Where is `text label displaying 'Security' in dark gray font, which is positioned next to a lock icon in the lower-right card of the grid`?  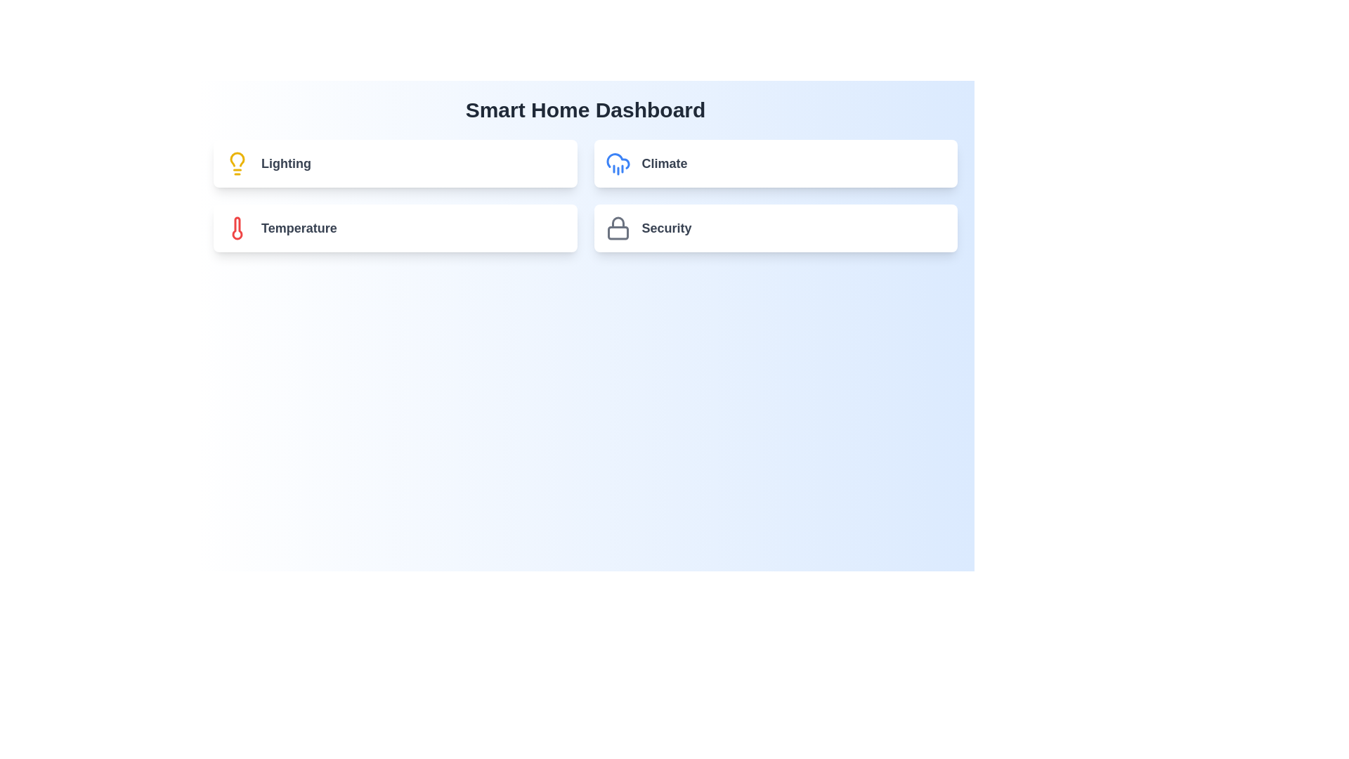
text label displaying 'Security' in dark gray font, which is positioned next to a lock icon in the lower-right card of the grid is located at coordinates (666, 227).